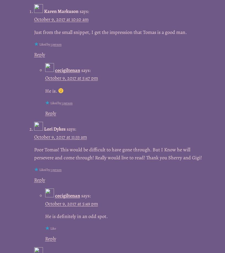 This screenshot has width=225, height=253. What do you see at coordinates (61, 19) in the screenshot?
I see `'October 9, 2017 at 10:10 am'` at bounding box center [61, 19].